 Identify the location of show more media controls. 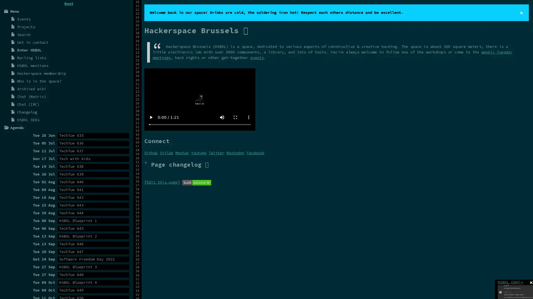
(248, 117).